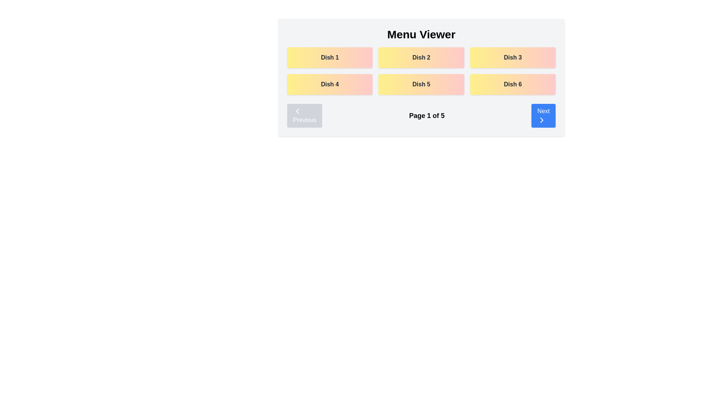  Describe the element at coordinates (427, 116) in the screenshot. I see `the text label displaying 'Page 1 of 5' located in the center of the navigation bar, positioned between the 'Previous' and 'Next' buttons` at that location.